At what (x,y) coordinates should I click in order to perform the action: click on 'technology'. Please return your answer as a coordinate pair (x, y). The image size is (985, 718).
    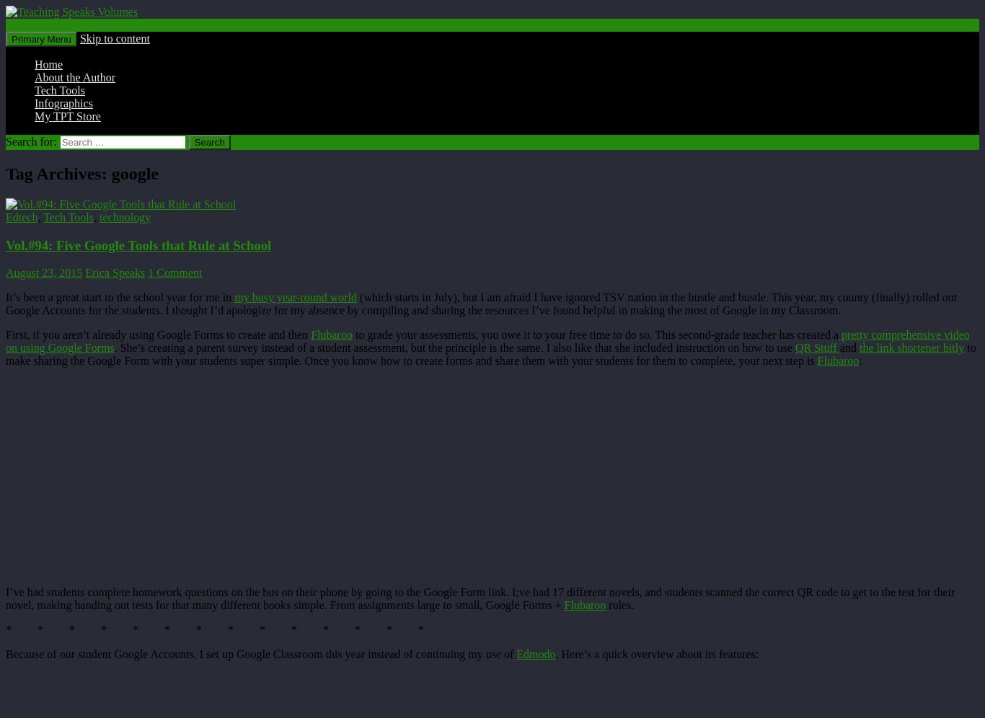
    Looking at the image, I should click on (124, 216).